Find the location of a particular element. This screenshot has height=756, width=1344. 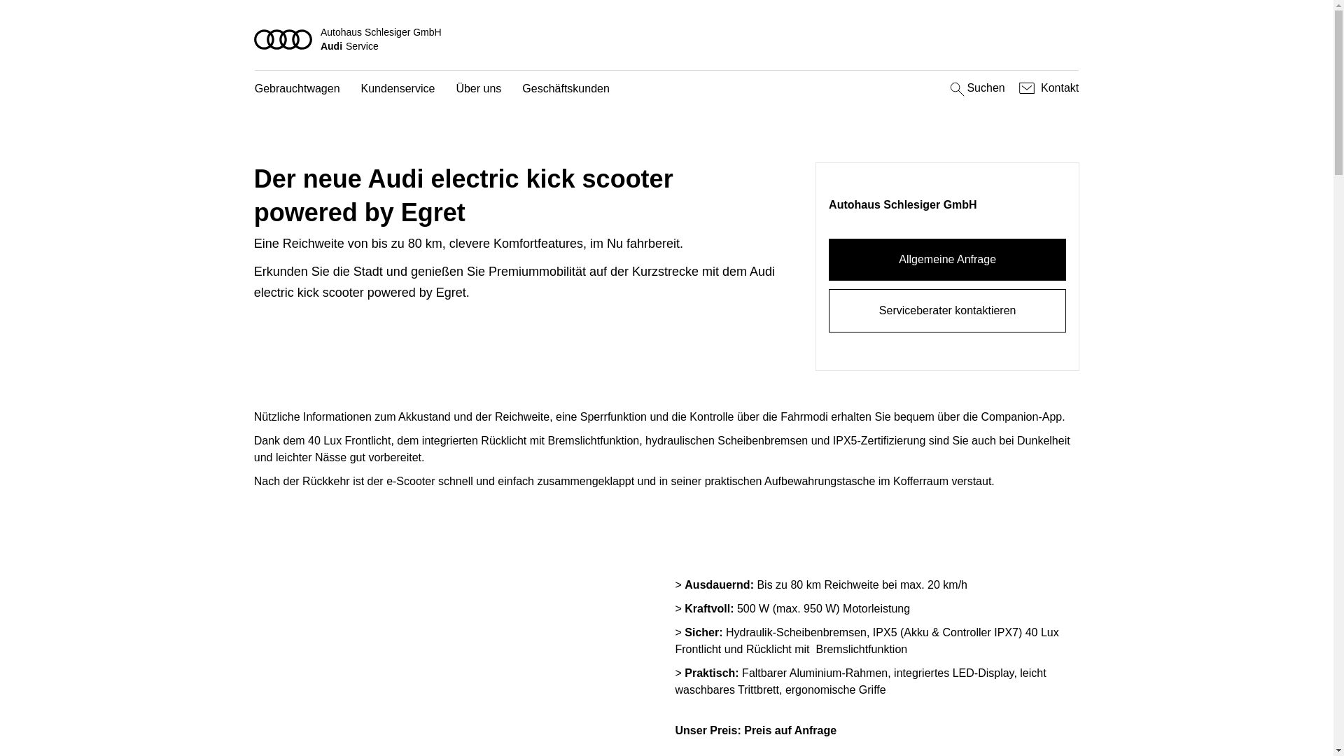

'Serviceberater kontaktieren' is located at coordinates (947, 309).